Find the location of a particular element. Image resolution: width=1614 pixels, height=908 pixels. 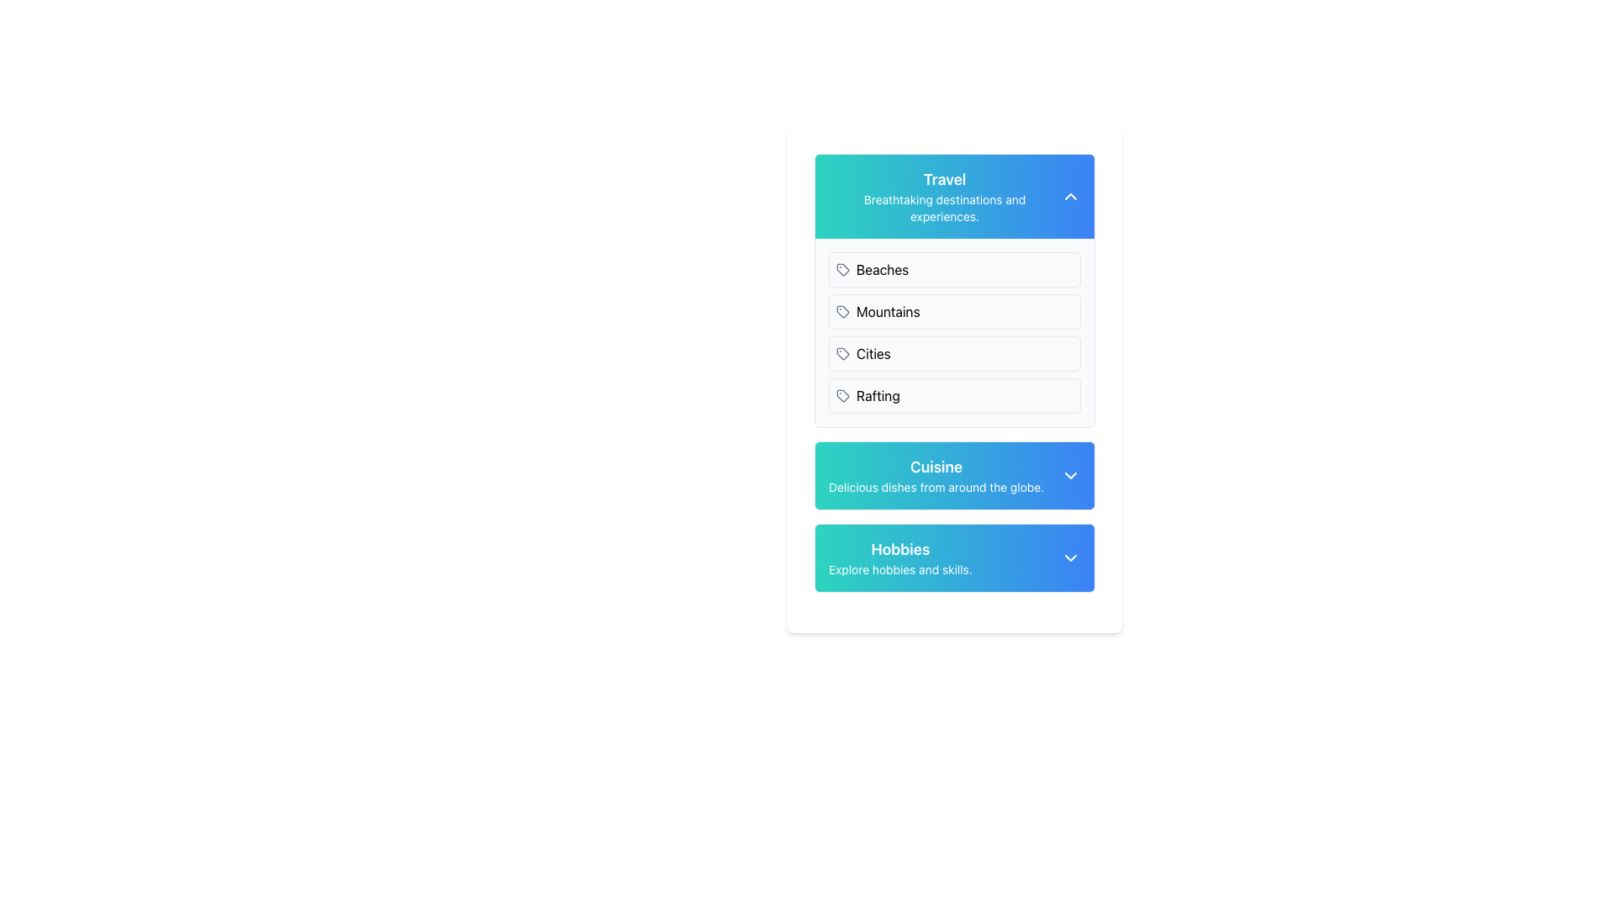

the 'Mountains' text label, which is the second option in the vertically stacked list of selectable tags under the 'Travel' section, positioned below 'Beaches' and above 'Cities' is located at coordinates (887, 311).